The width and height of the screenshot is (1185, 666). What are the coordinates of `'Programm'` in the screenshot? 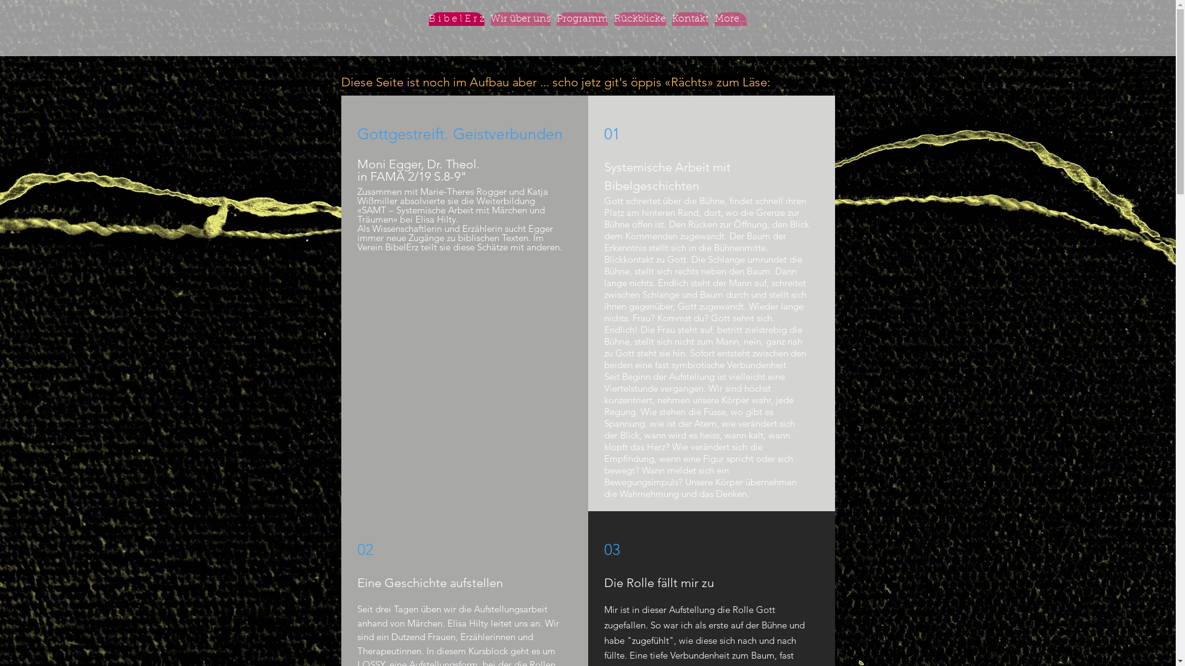 It's located at (556, 33).